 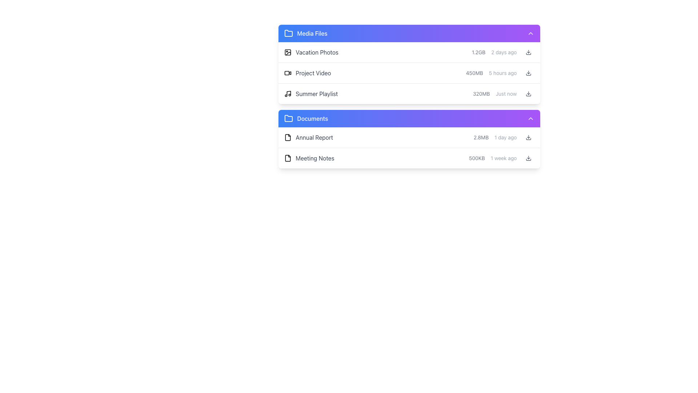 What do you see at coordinates (286, 73) in the screenshot?
I see `the SVG graphical shape that represents the main body of the video icon, positioned towards the left and slightly lower in the group's layout` at bounding box center [286, 73].